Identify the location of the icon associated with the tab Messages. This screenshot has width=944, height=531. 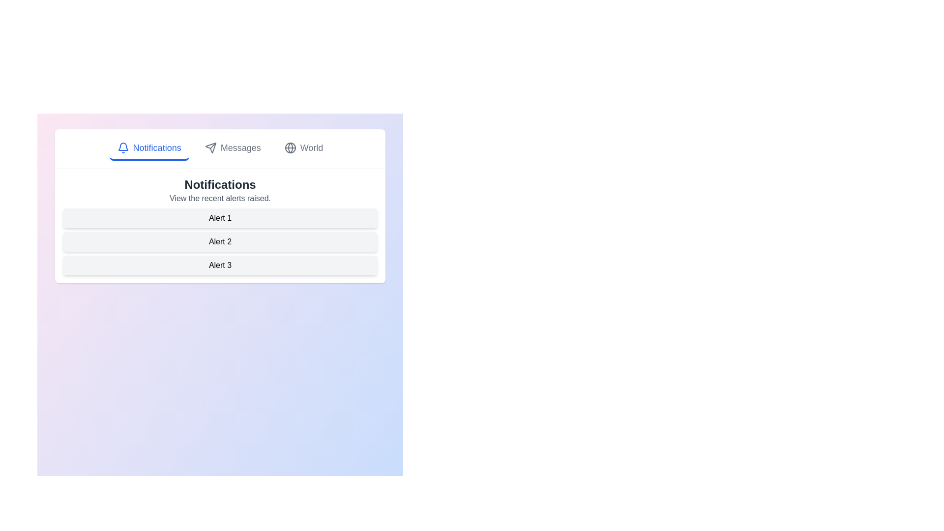
(210, 147).